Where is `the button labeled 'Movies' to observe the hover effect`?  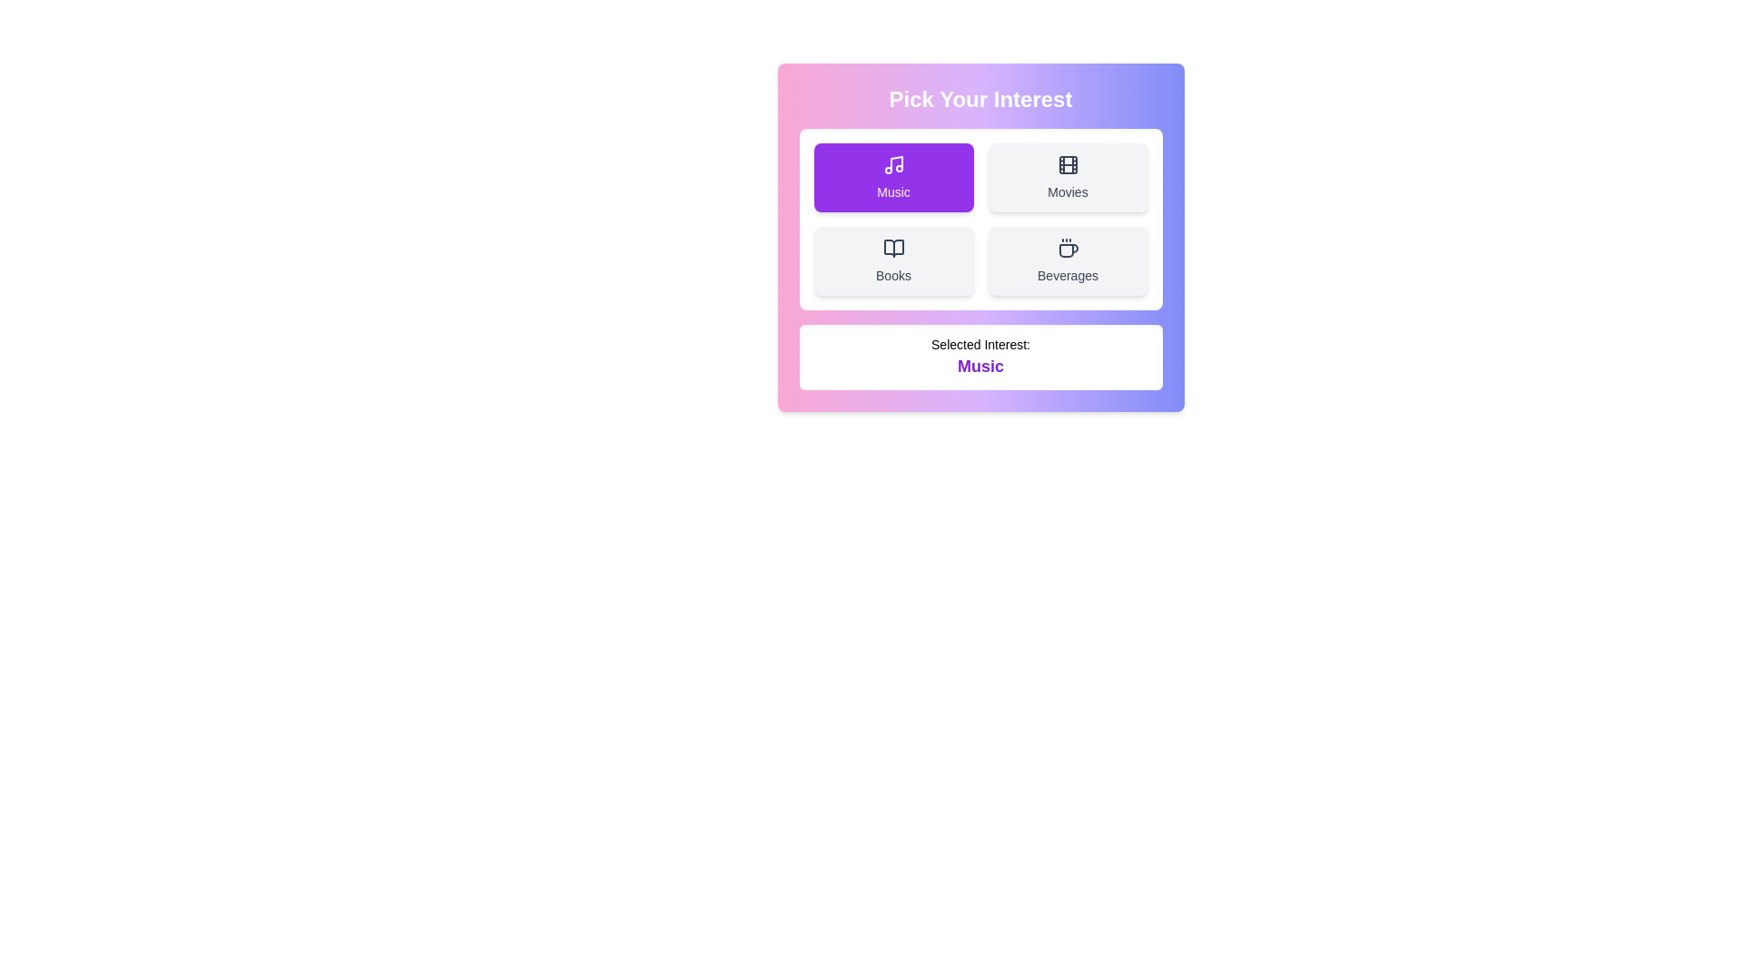 the button labeled 'Movies' to observe the hover effect is located at coordinates (1068, 178).